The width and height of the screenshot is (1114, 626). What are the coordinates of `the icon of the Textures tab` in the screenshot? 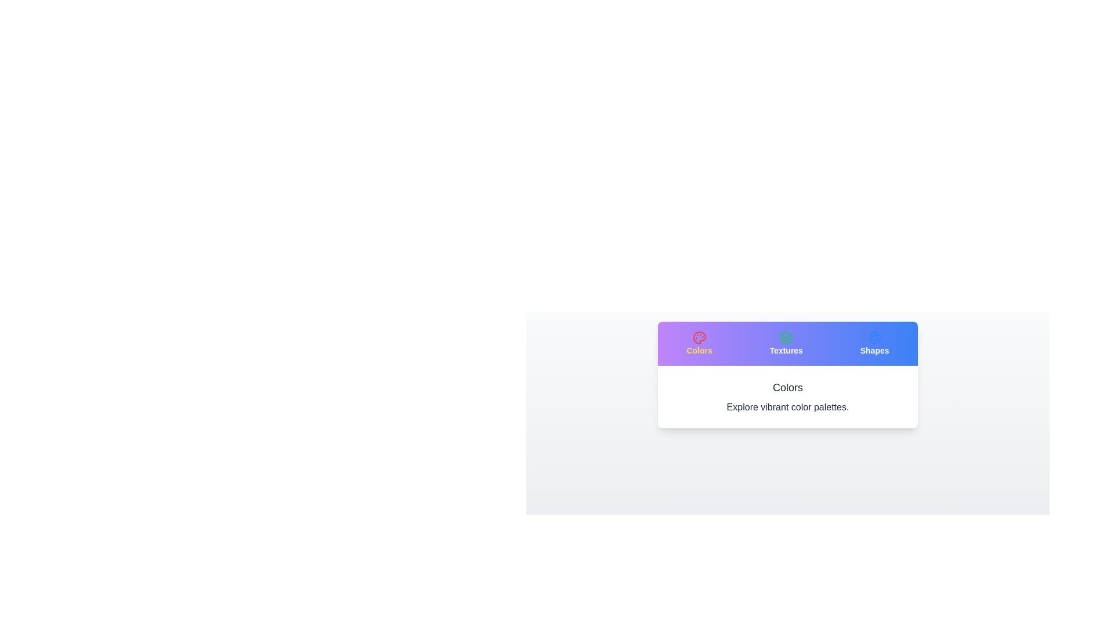 It's located at (786, 343).